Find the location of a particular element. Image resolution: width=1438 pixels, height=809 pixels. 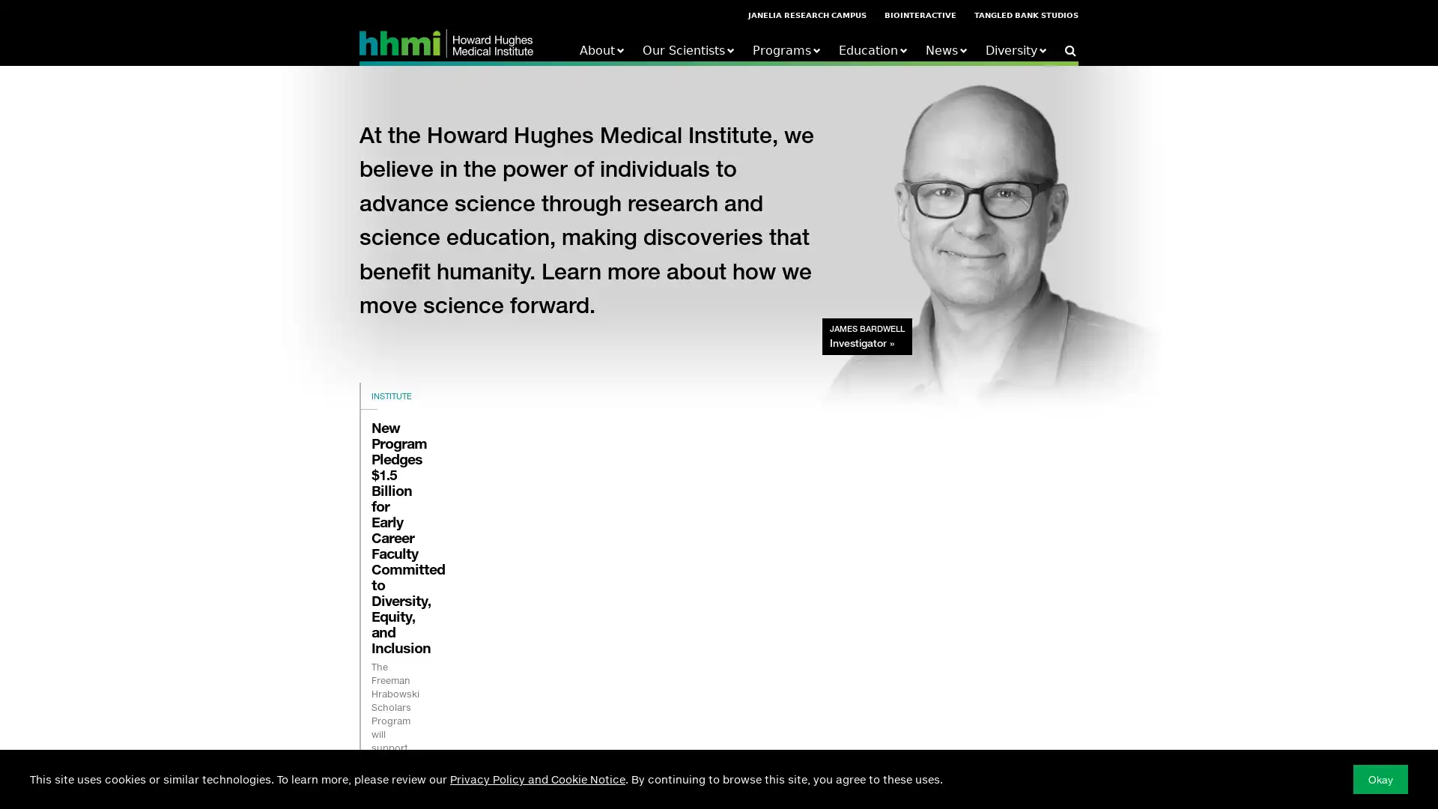

Education is located at coordinates (873, 50).